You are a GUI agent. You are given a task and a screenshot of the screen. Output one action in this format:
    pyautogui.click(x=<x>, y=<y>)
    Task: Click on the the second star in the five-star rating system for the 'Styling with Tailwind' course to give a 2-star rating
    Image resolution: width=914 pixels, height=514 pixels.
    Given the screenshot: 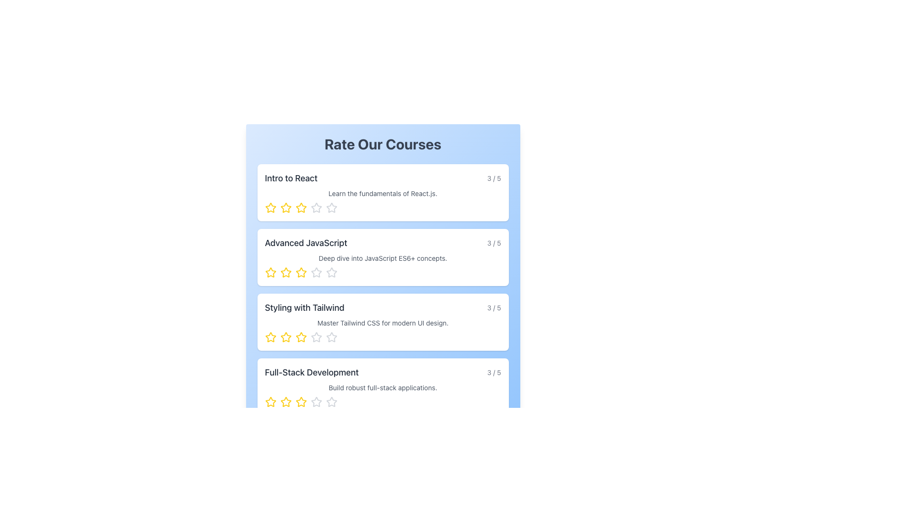 What is the action you would take?
    pyautogui.click(x=285, y=336)
    